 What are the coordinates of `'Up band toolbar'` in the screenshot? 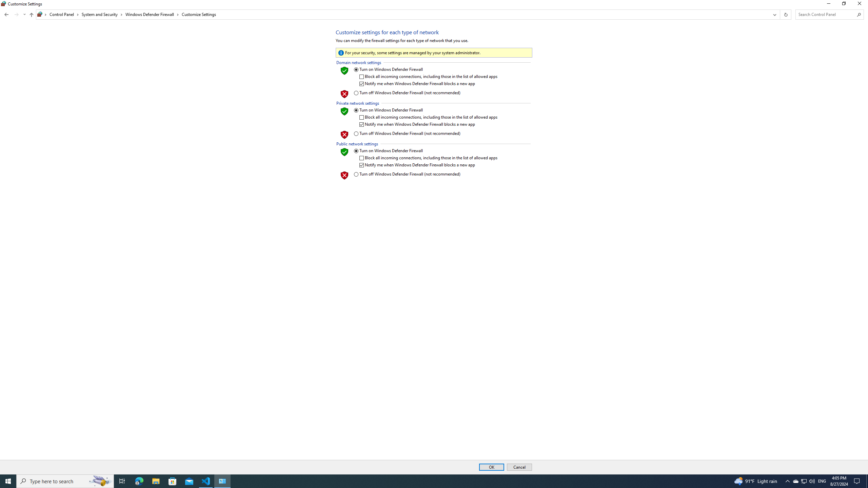 It's located at (32, 15).